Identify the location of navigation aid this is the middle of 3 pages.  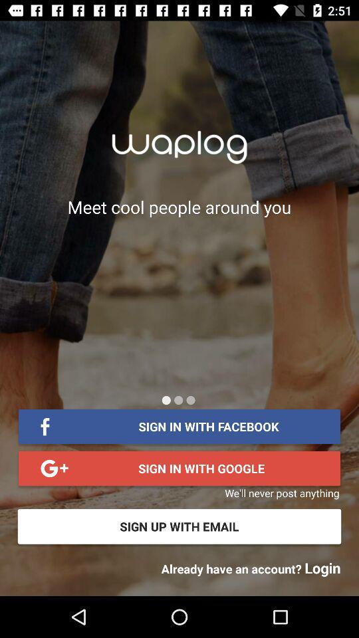
(178, 399).